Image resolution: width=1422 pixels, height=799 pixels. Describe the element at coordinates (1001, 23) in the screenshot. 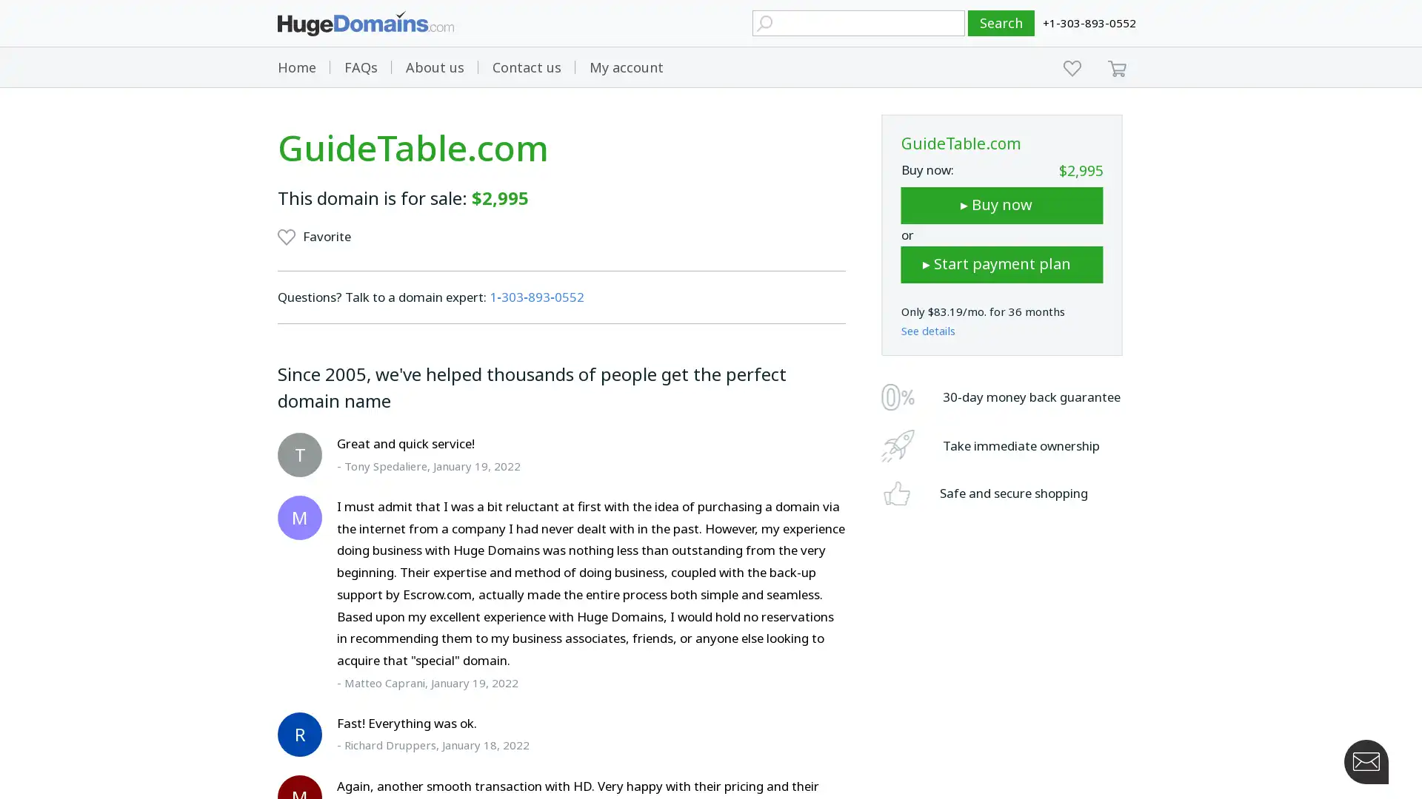

I see `Search` at that location.